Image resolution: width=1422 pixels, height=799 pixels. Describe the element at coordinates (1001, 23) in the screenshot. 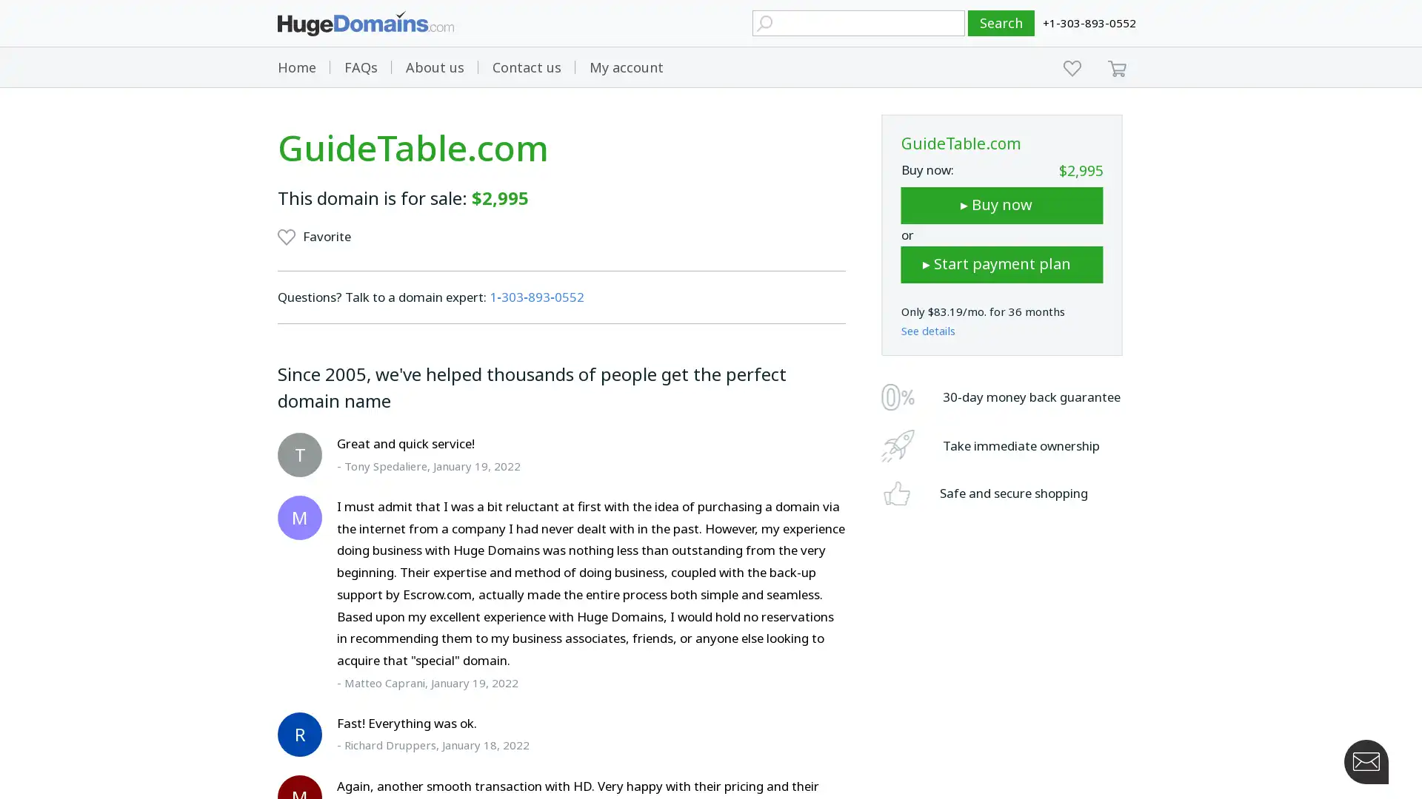

I see `Search` at that location.